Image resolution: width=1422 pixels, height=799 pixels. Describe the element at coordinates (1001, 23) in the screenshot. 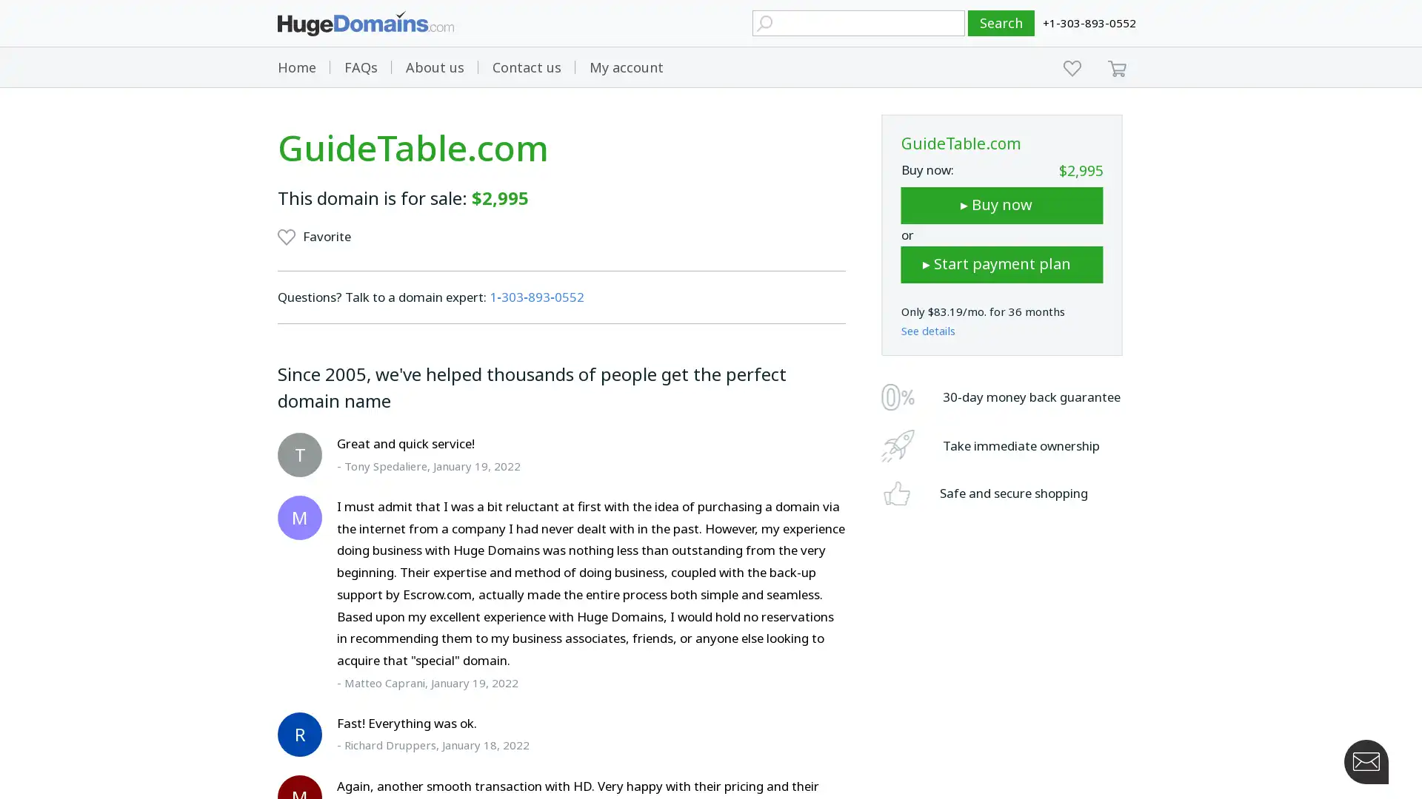

I see `Search` at that location.